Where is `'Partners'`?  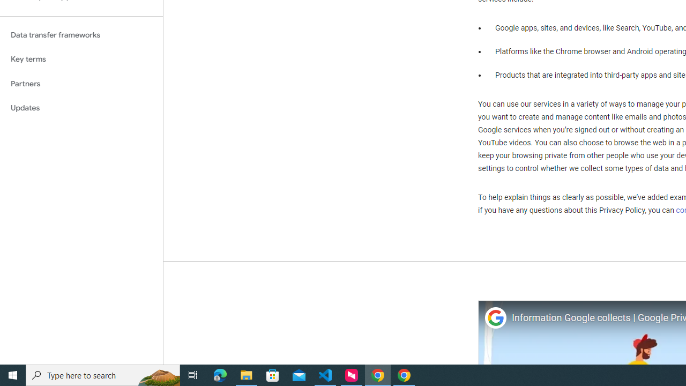 'Partners' is located at coordinates (81, 83).